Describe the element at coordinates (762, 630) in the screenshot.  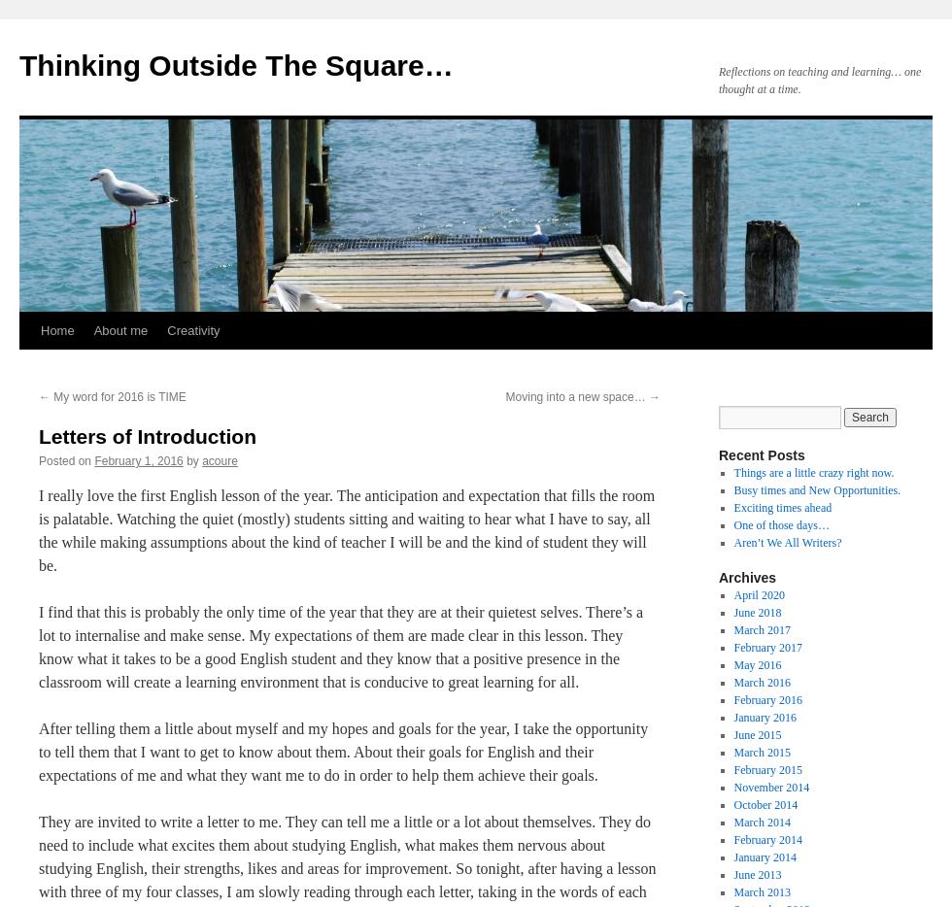
I see `'March 2017'` at that location.